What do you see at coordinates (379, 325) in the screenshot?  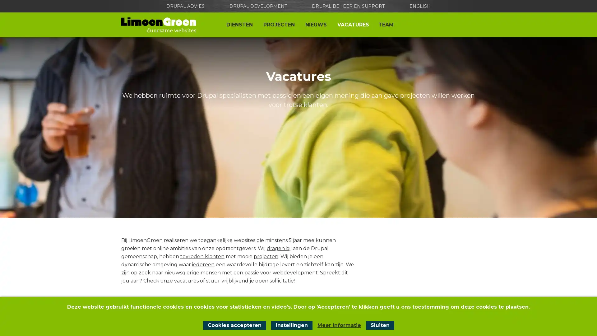 I see `Sluit cookiemelding` at bounding box center [379, 325].